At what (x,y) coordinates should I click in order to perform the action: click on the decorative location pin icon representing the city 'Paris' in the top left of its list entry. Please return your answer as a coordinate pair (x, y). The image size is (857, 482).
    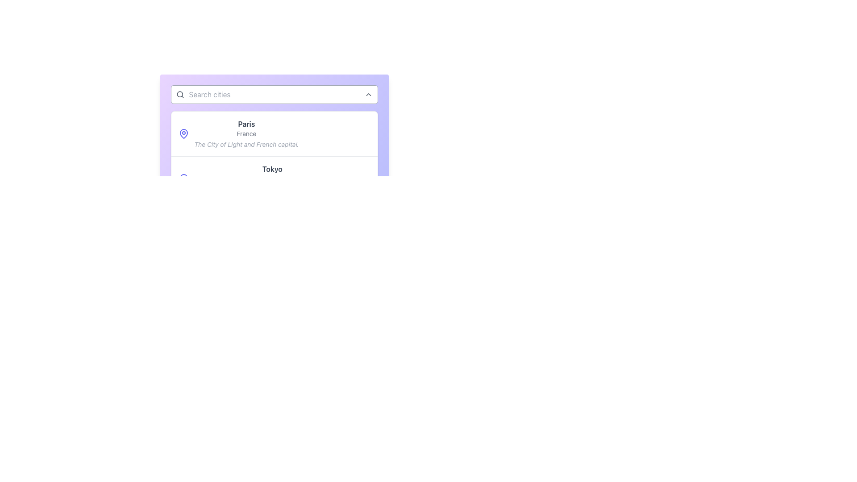
    Looking at the image, I should click on (183, 179).